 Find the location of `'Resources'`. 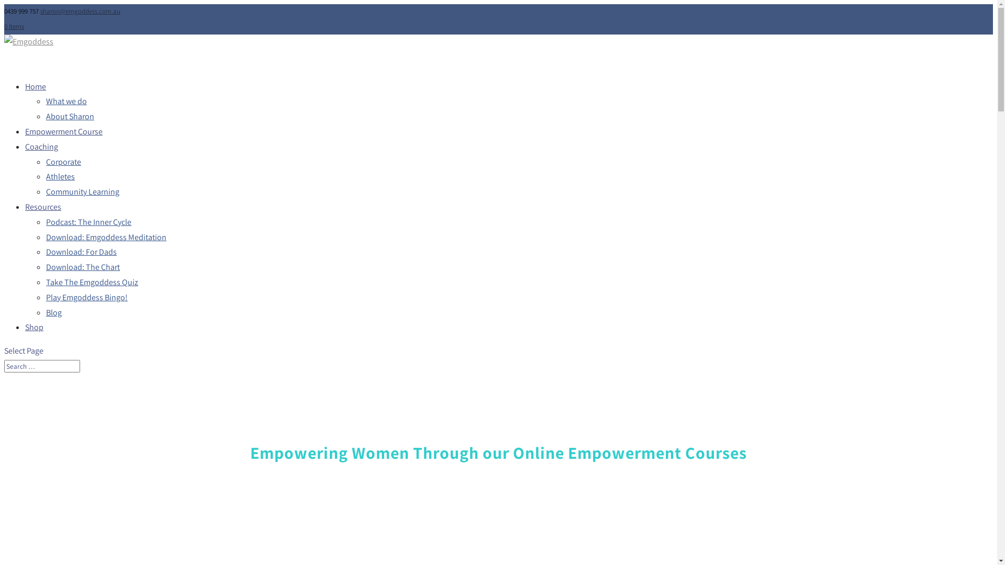

'Resources' is located at coordinates (42, 210).